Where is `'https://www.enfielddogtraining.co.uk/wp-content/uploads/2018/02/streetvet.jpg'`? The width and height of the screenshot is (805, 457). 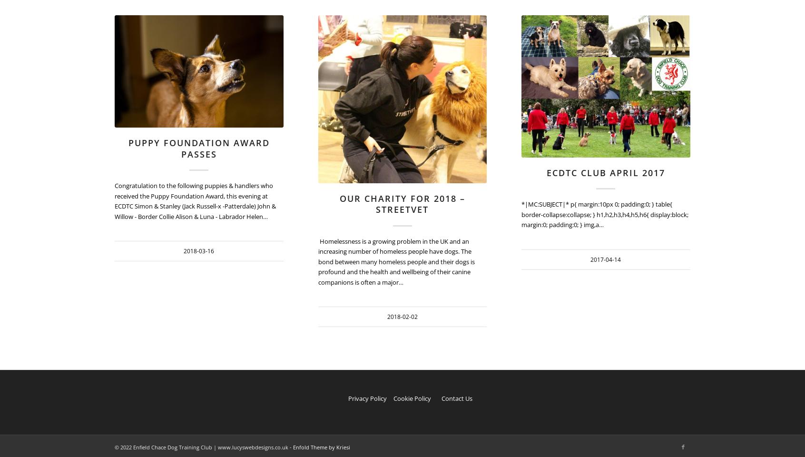 'https://www.enfielddogtraining.co.uk/wp-content/uploads/2018/02/streetvet.jpg' is located at coordinates (546, 24).